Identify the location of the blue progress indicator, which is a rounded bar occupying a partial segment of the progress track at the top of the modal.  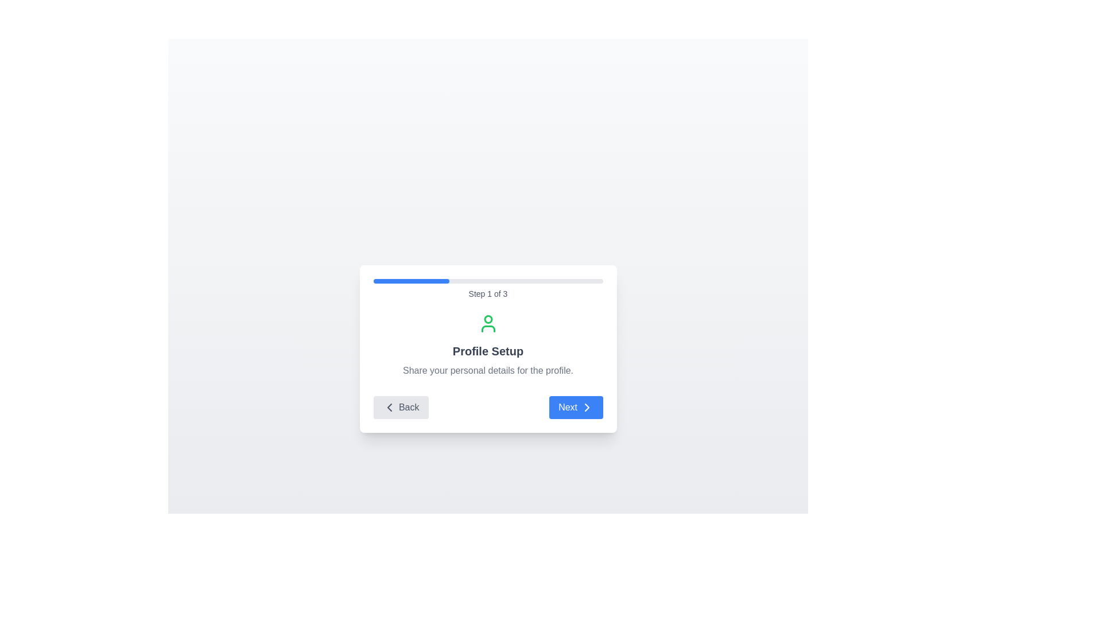
(411, 281).